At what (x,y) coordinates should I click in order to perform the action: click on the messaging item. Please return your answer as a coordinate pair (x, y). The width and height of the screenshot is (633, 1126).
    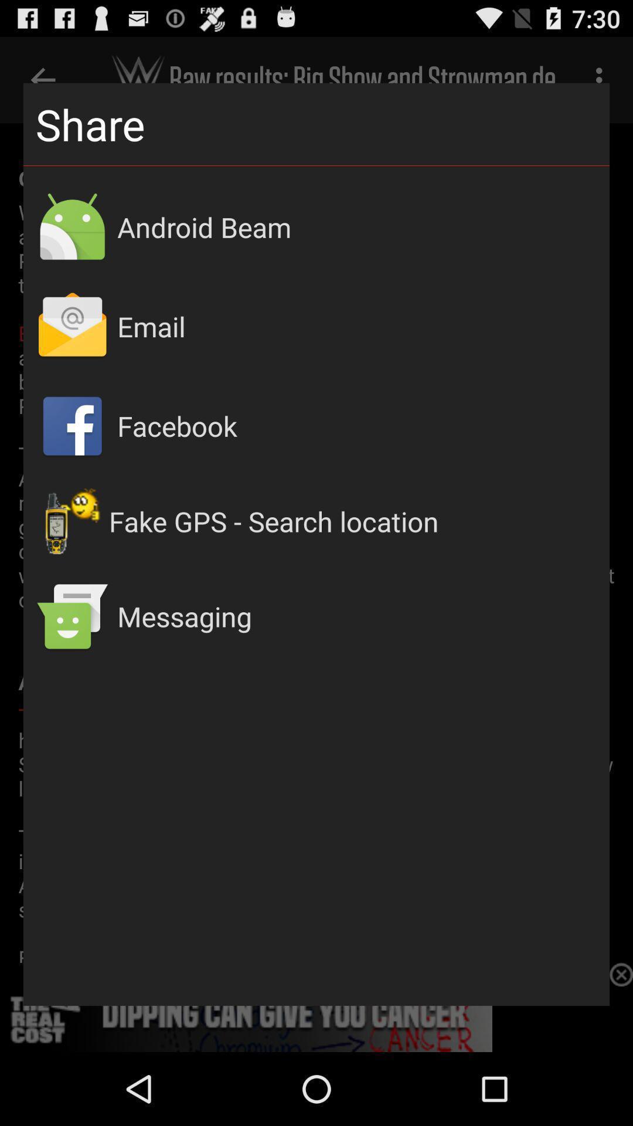
    Looking at the image, I should click on (356, 616).